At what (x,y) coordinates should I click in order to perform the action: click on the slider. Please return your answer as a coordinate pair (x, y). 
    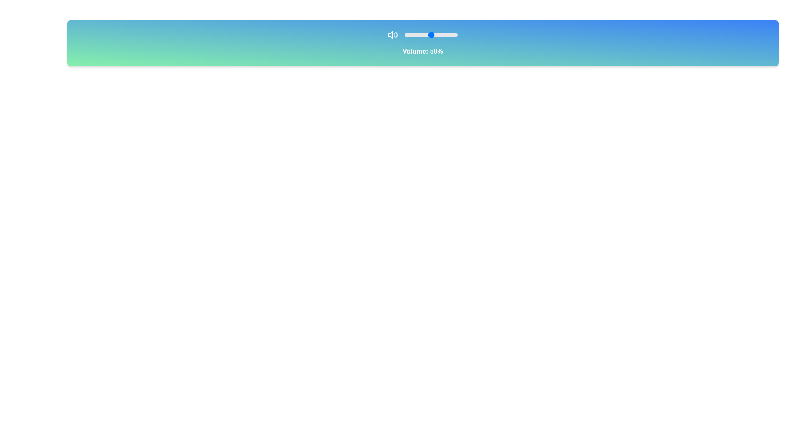
    Looking at the image, I should click on (414, 34).